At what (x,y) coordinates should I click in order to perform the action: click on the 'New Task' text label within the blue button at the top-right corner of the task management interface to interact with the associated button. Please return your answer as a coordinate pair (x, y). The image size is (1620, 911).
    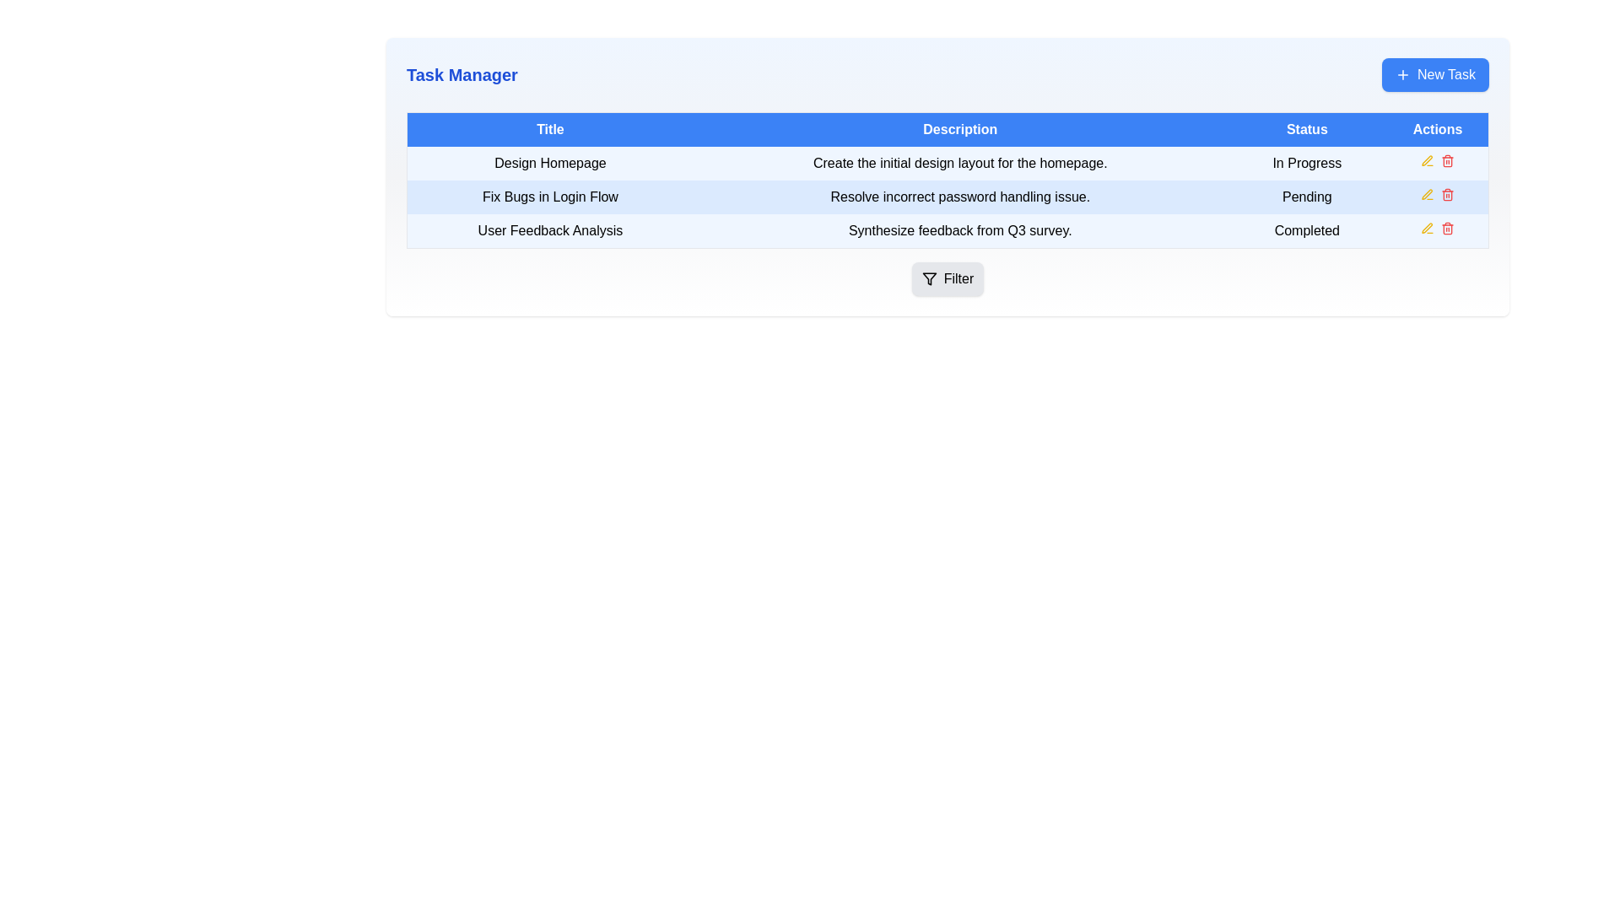
    Looking at the image, I should click on (1445, 73).